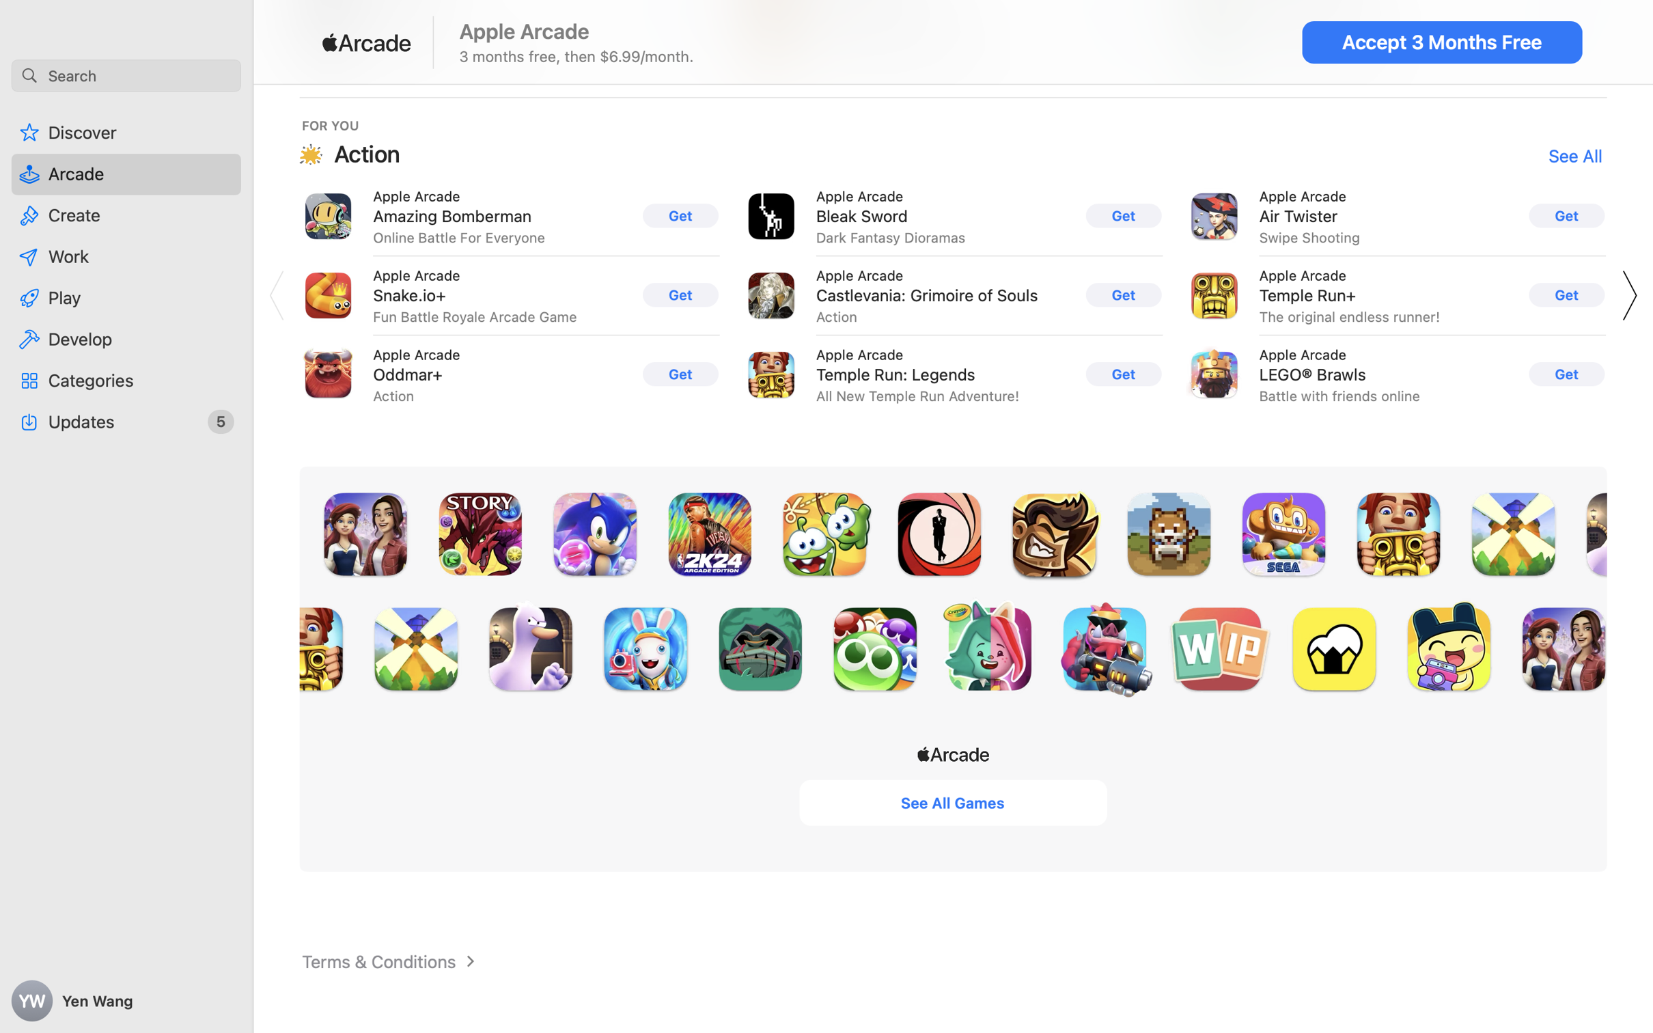 The image size is (1653, 1033). What do you see at coordinates (126, 1001) in the screenshot?
I see `'Yen Wang'` at bounding box center [126, 1001].